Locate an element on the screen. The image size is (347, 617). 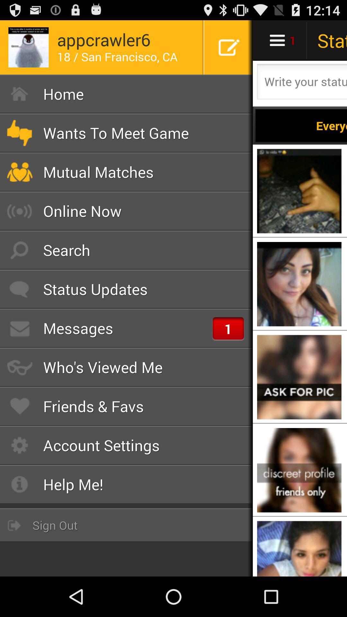
status space is located at coordinates (301, 83).